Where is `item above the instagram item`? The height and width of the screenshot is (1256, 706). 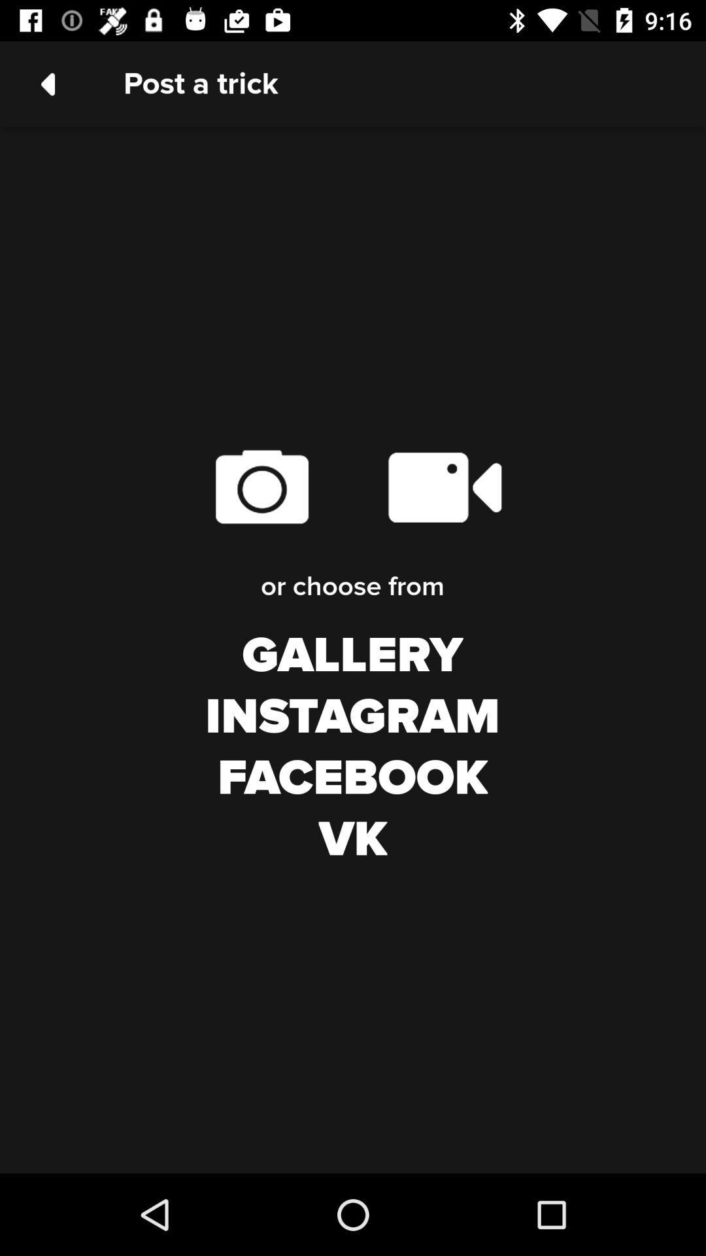 item above the instagram item is located at coordinates (352, 656).